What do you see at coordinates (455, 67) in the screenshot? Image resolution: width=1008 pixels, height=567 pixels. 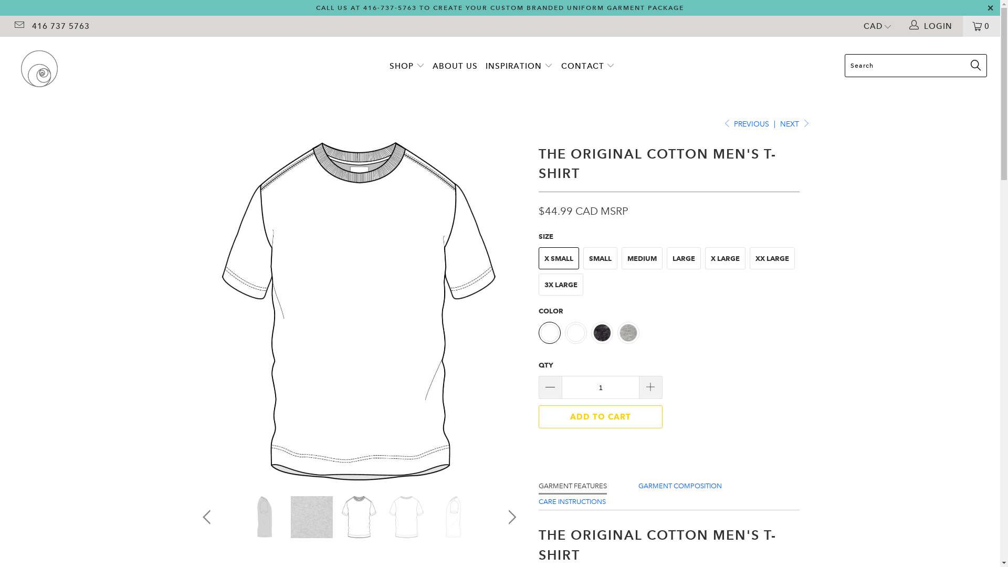 I see `'ABOUT US'` at bounding box center [455, 67].